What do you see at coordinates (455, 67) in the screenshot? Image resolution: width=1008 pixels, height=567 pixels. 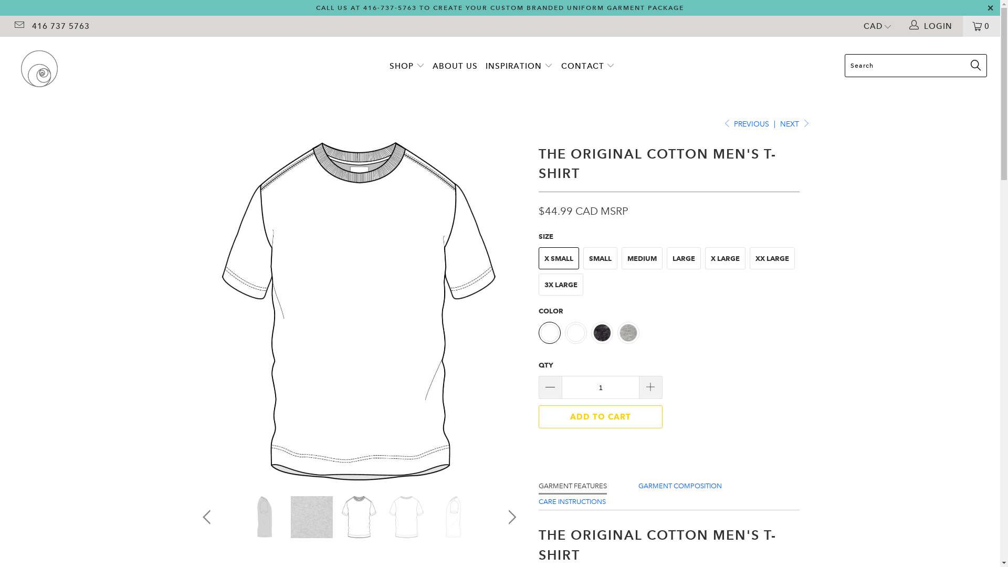 I see `'ABOUT US'` at bounding box center [455, 67].